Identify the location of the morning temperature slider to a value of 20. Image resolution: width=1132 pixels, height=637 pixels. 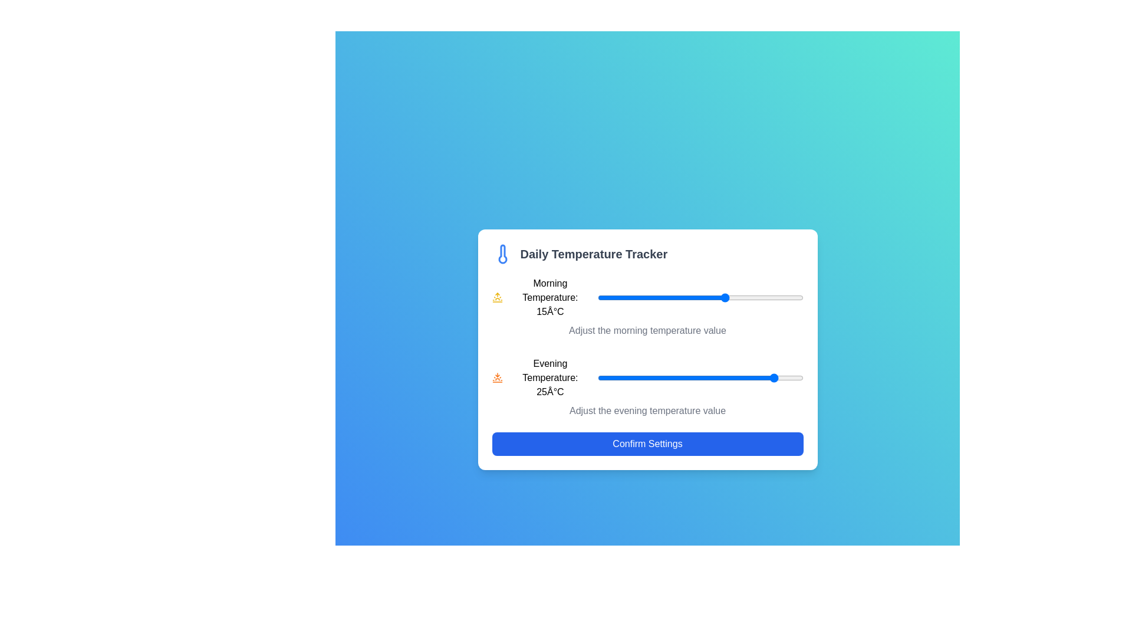
(751, 297).